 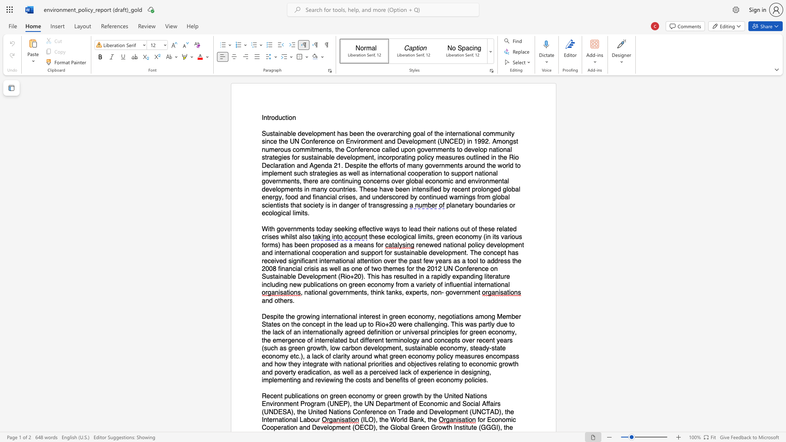 I want to click on the subset text "nd othe" within the text "and others.", so click(x=265, y=300).